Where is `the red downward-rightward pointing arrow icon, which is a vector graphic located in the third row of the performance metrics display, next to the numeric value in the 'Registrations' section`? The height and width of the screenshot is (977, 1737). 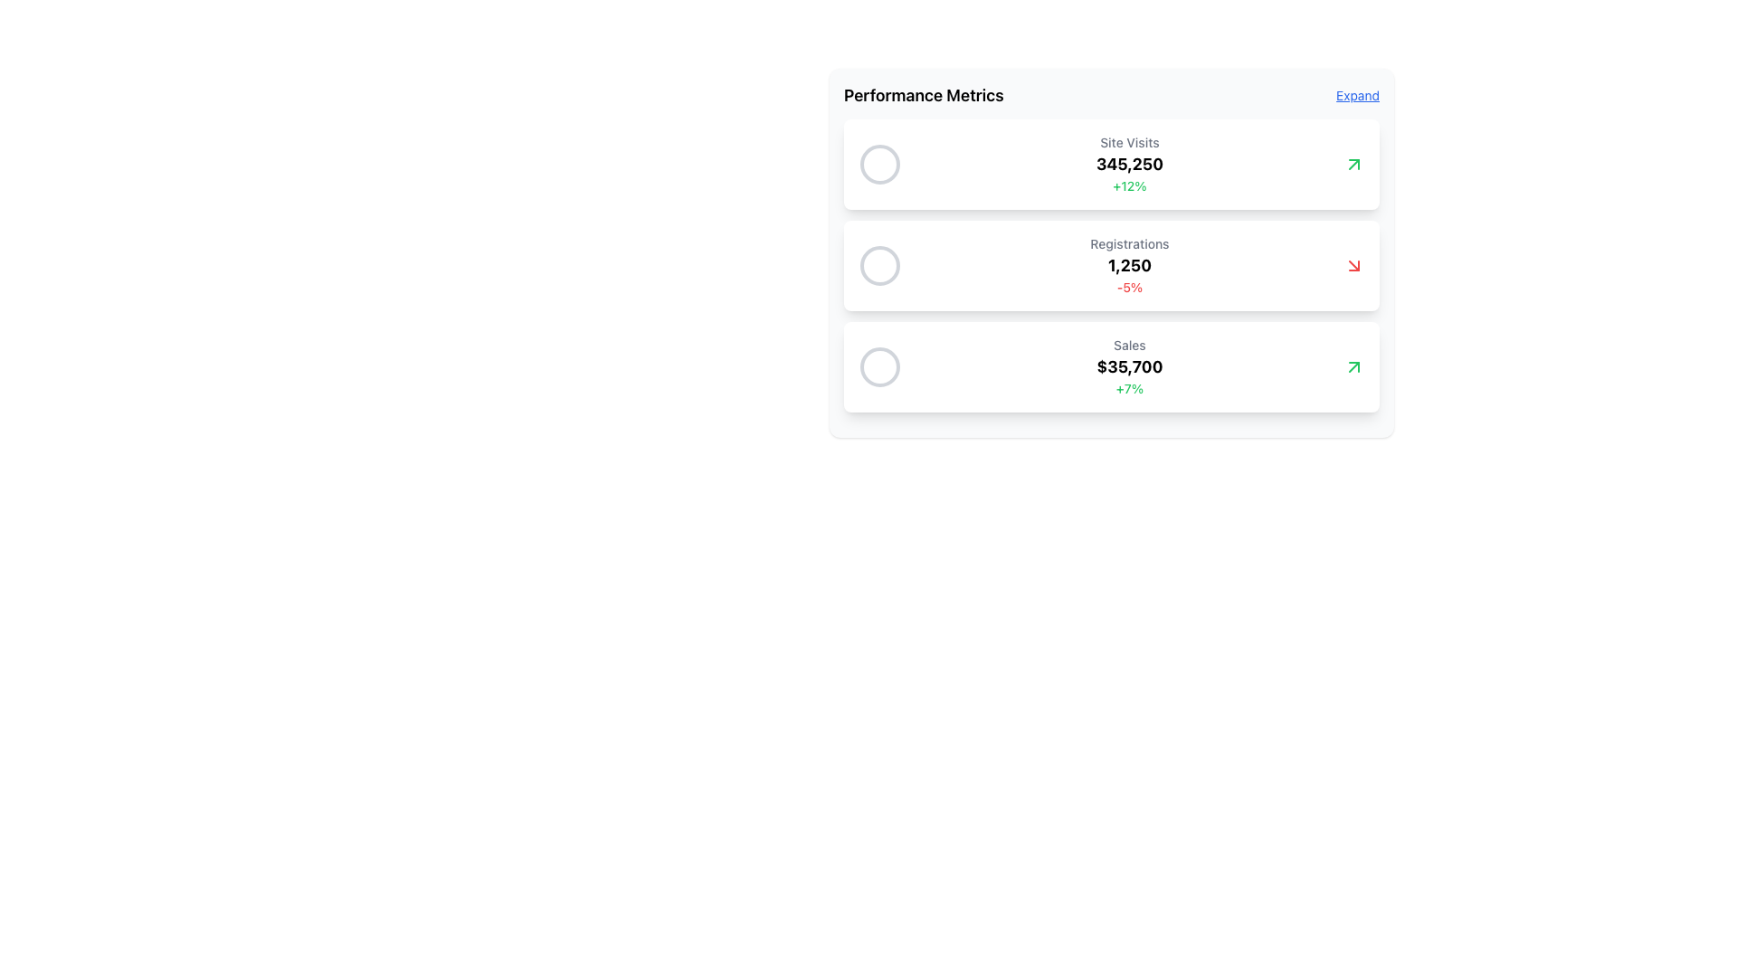
the red downward-rightward pointing arrow icon, which is a vector graphic located in the third row of the performance metrics display, next to the numeric value in the 'Registrations' section is located at coordinates (1354, 265).